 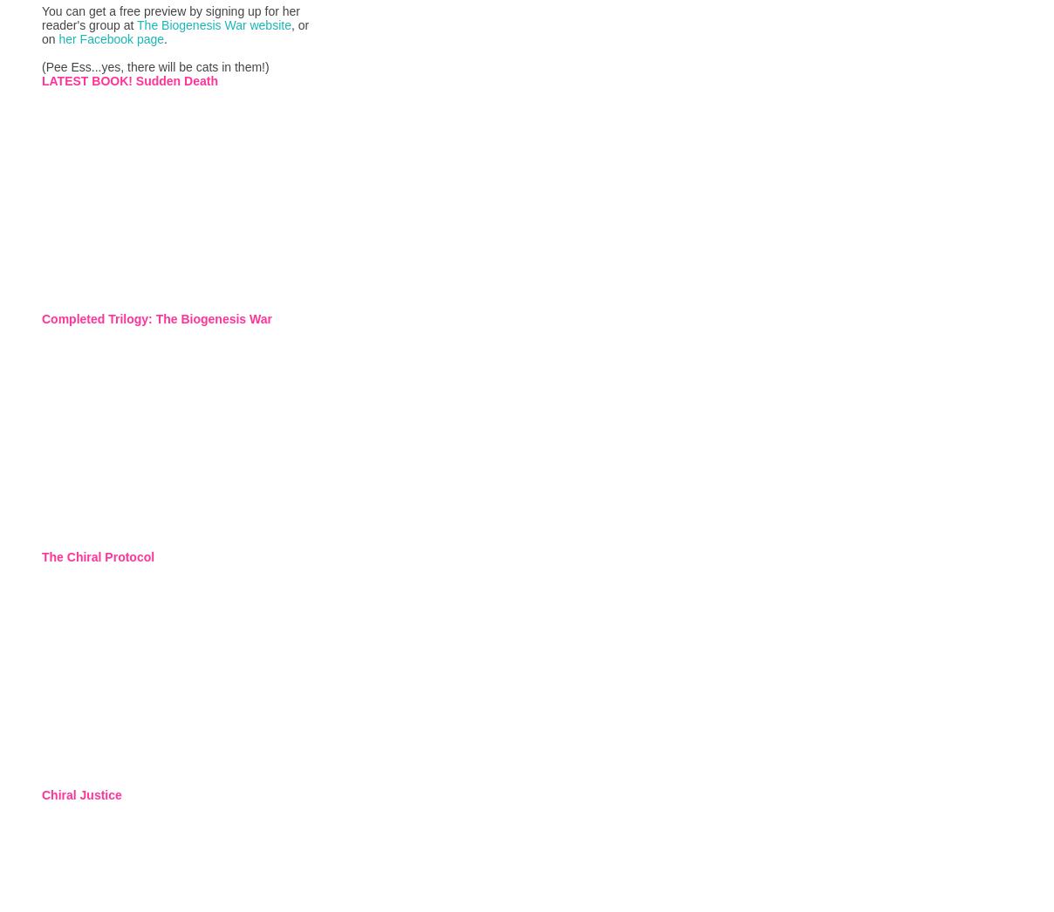 What do you see at coordinates (166, 37) in the screenshot?
I see `'.'` at bounding box center [166, 37].